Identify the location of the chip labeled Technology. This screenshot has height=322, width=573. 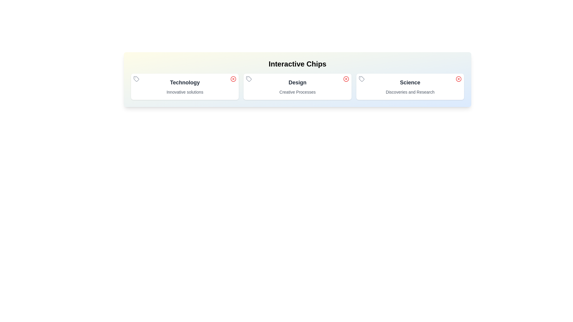
(184, 86).